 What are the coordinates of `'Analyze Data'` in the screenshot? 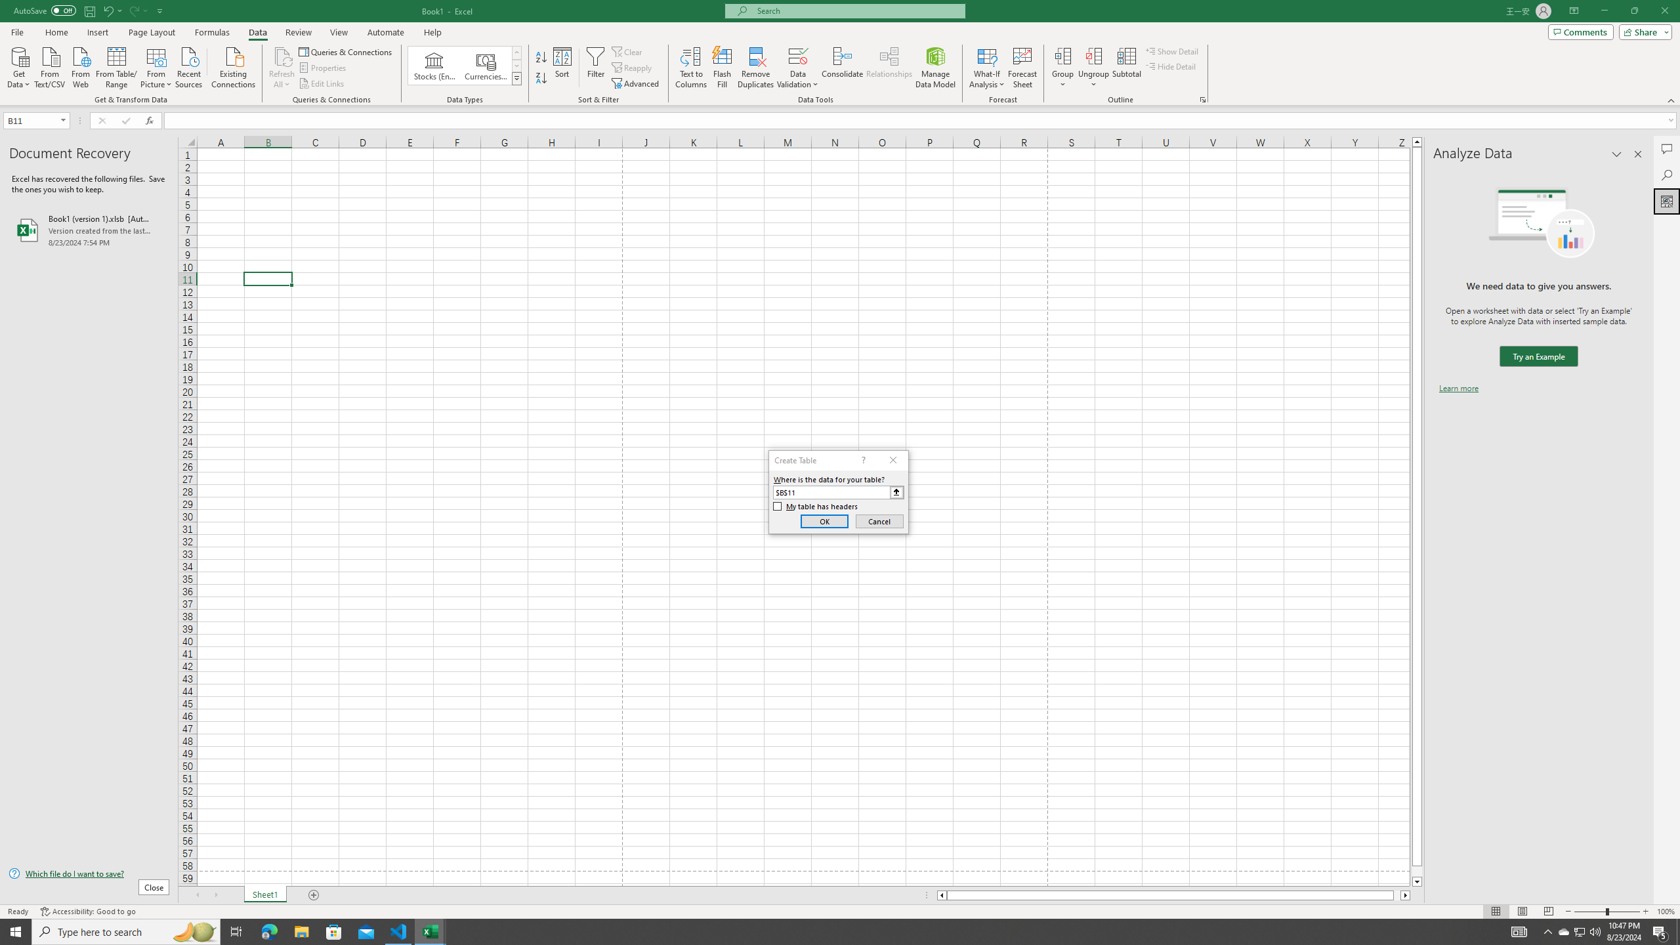 It's located at (1666, 201).